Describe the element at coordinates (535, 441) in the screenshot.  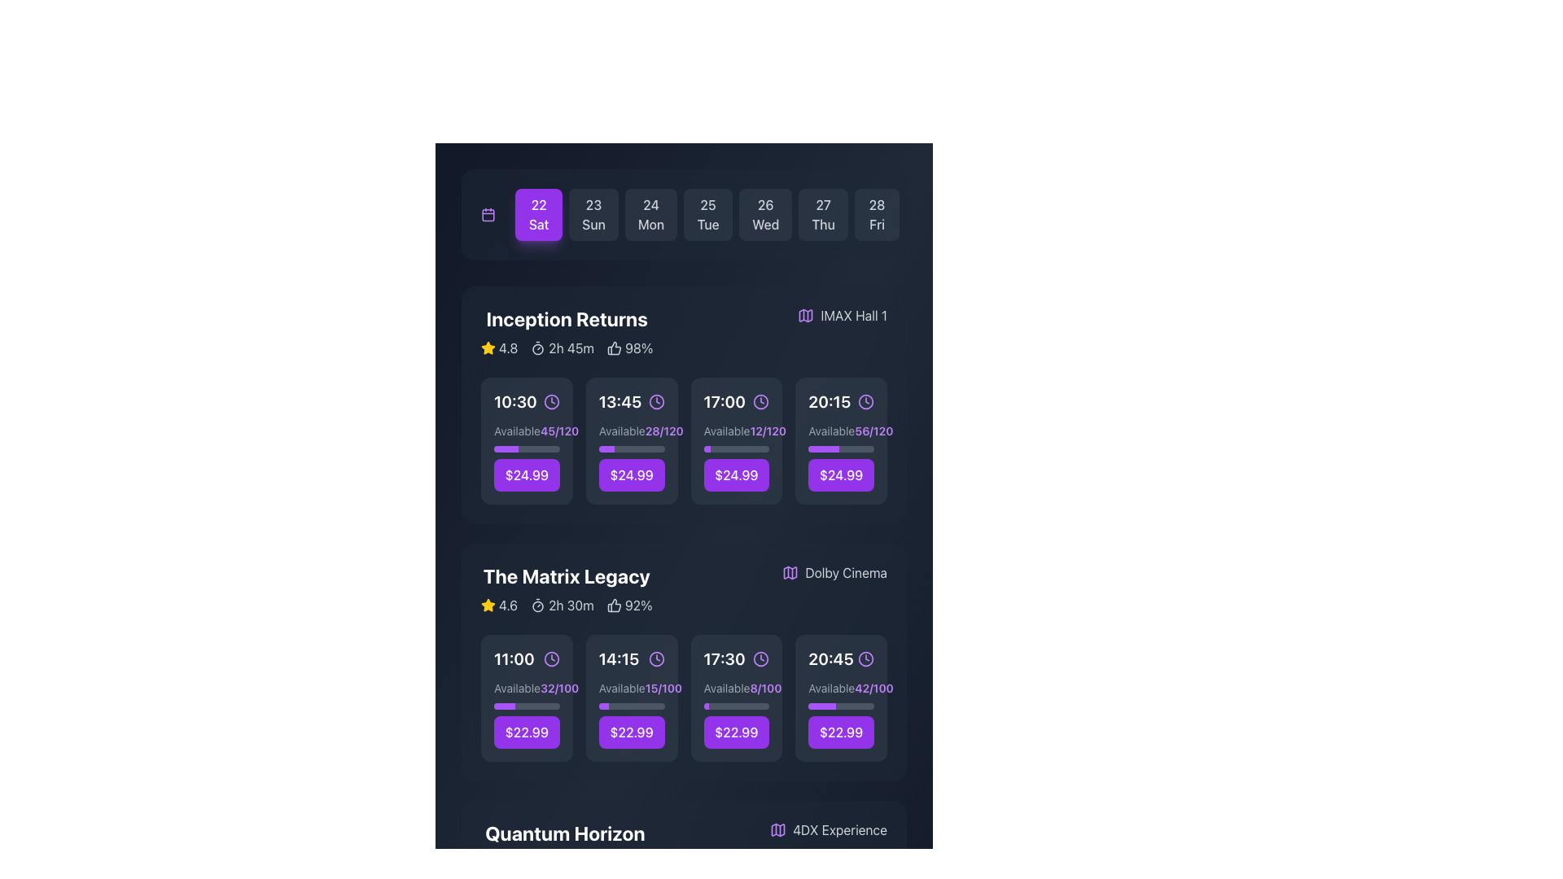
I see `the seat selection button located in the top section of the interface` at that location.